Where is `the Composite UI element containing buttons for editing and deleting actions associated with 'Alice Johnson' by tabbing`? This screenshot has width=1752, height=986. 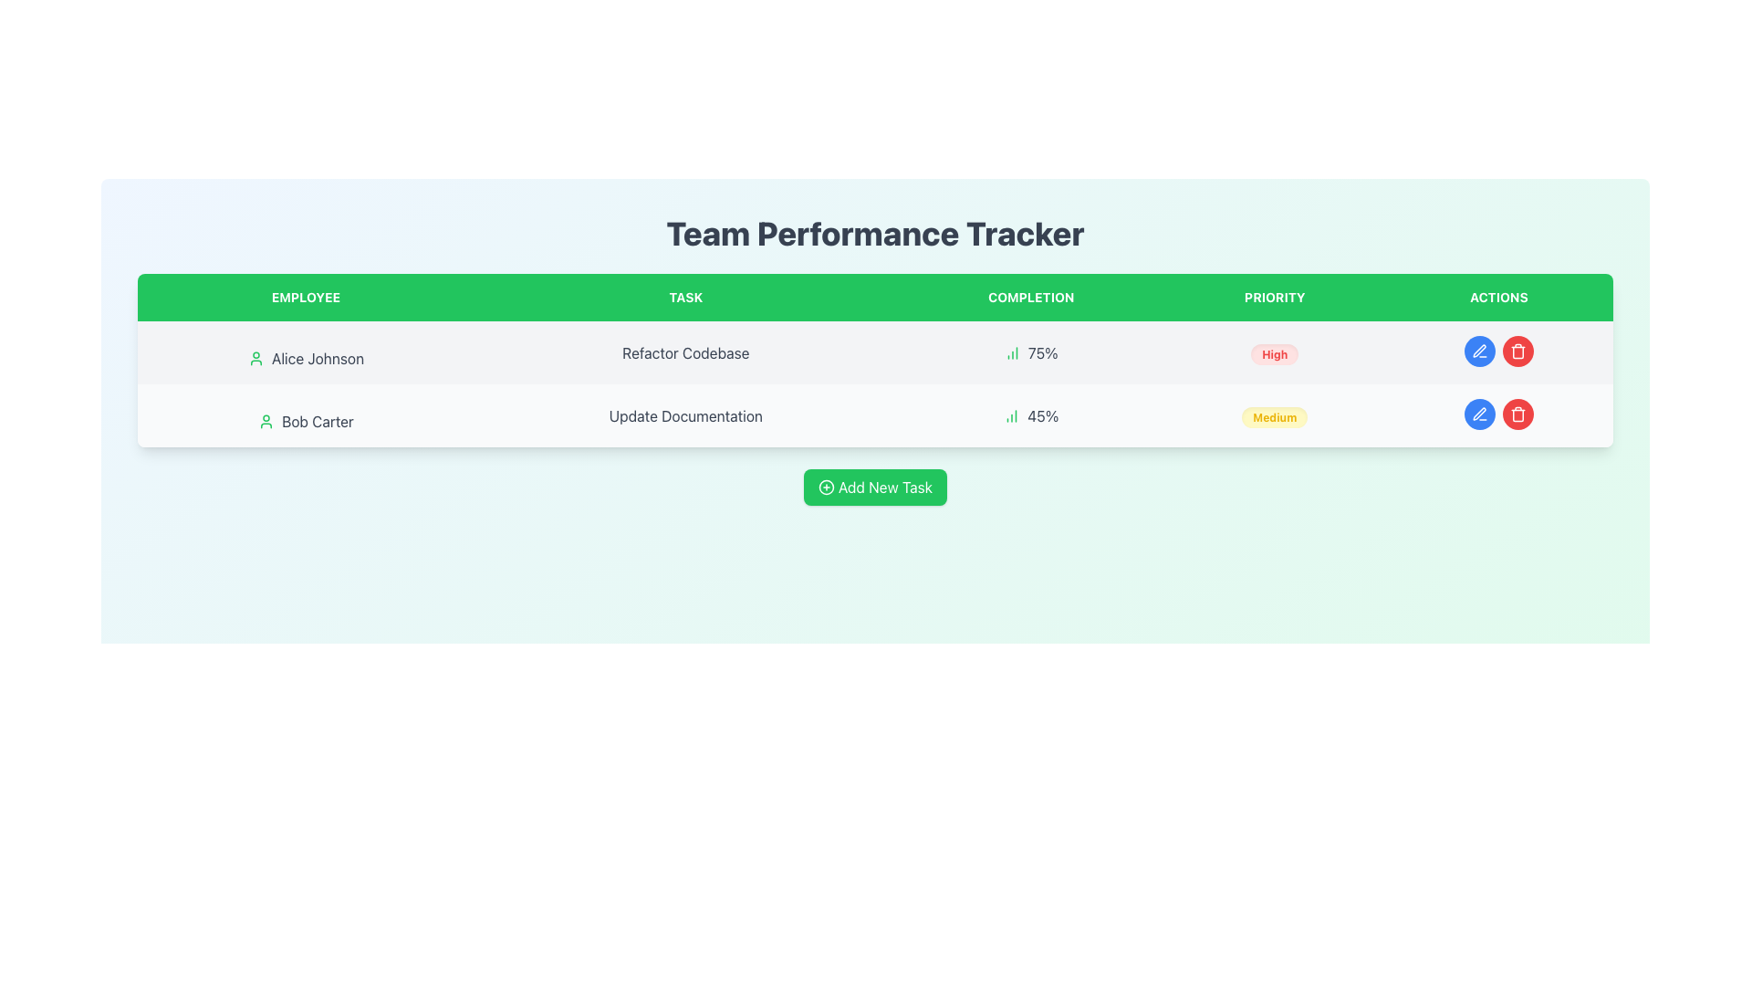
the Composite UI element containing buttons for editing and deleting actions associated with 'Alice Johnson' by tabbing is located at coordinates (1498, 351).